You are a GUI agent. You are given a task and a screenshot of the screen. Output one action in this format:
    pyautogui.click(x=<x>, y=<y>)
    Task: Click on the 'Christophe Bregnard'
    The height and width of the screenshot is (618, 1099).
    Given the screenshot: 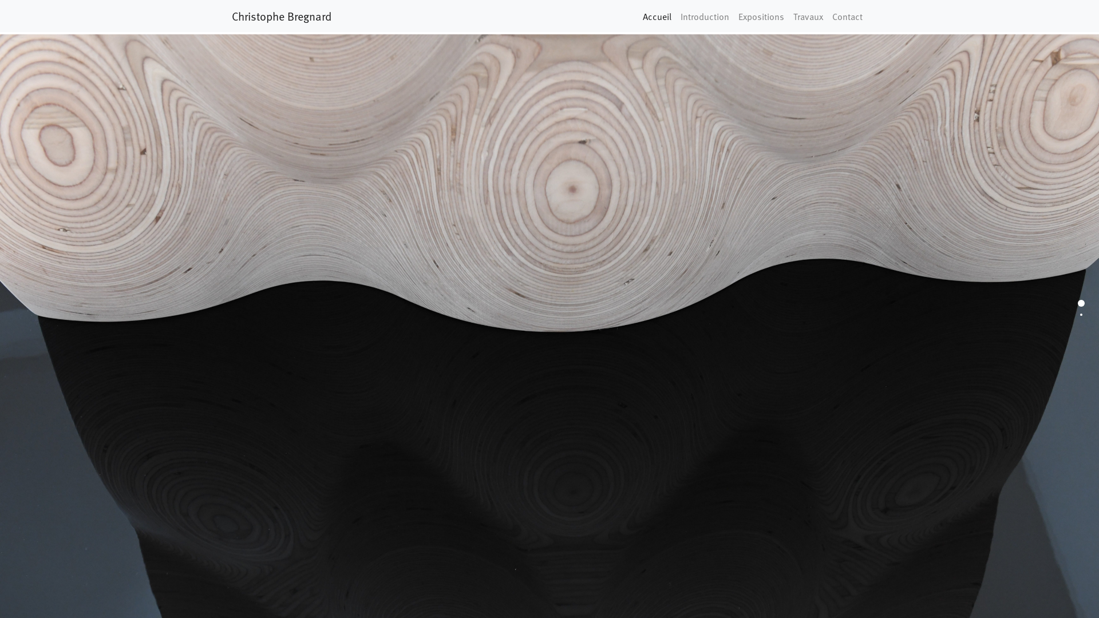 What is the action you would take?
    pyautogui.click(x=231, y=15)
    